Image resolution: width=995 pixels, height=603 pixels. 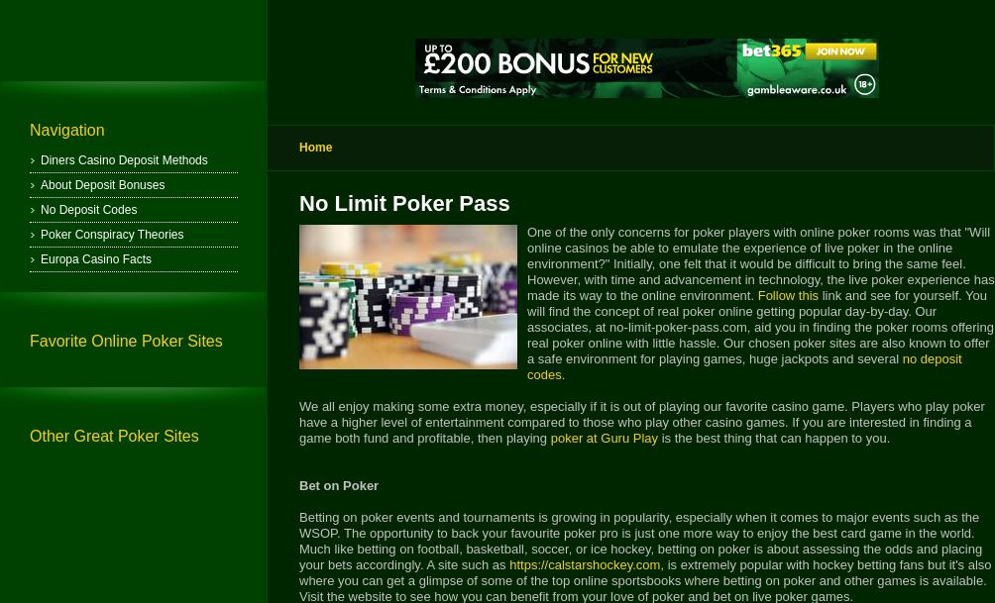 I want to click on 'Other Great Poker Sites', so click(x=113, y=436).